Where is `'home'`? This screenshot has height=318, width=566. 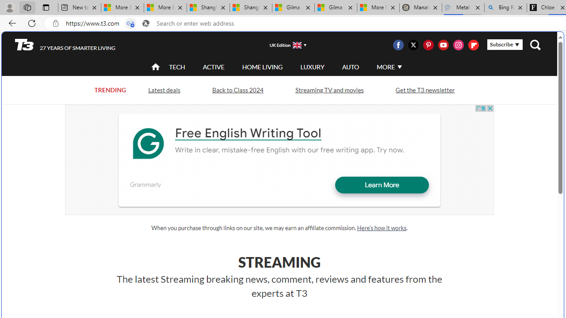
'home' is located at coordinates (156, 67).